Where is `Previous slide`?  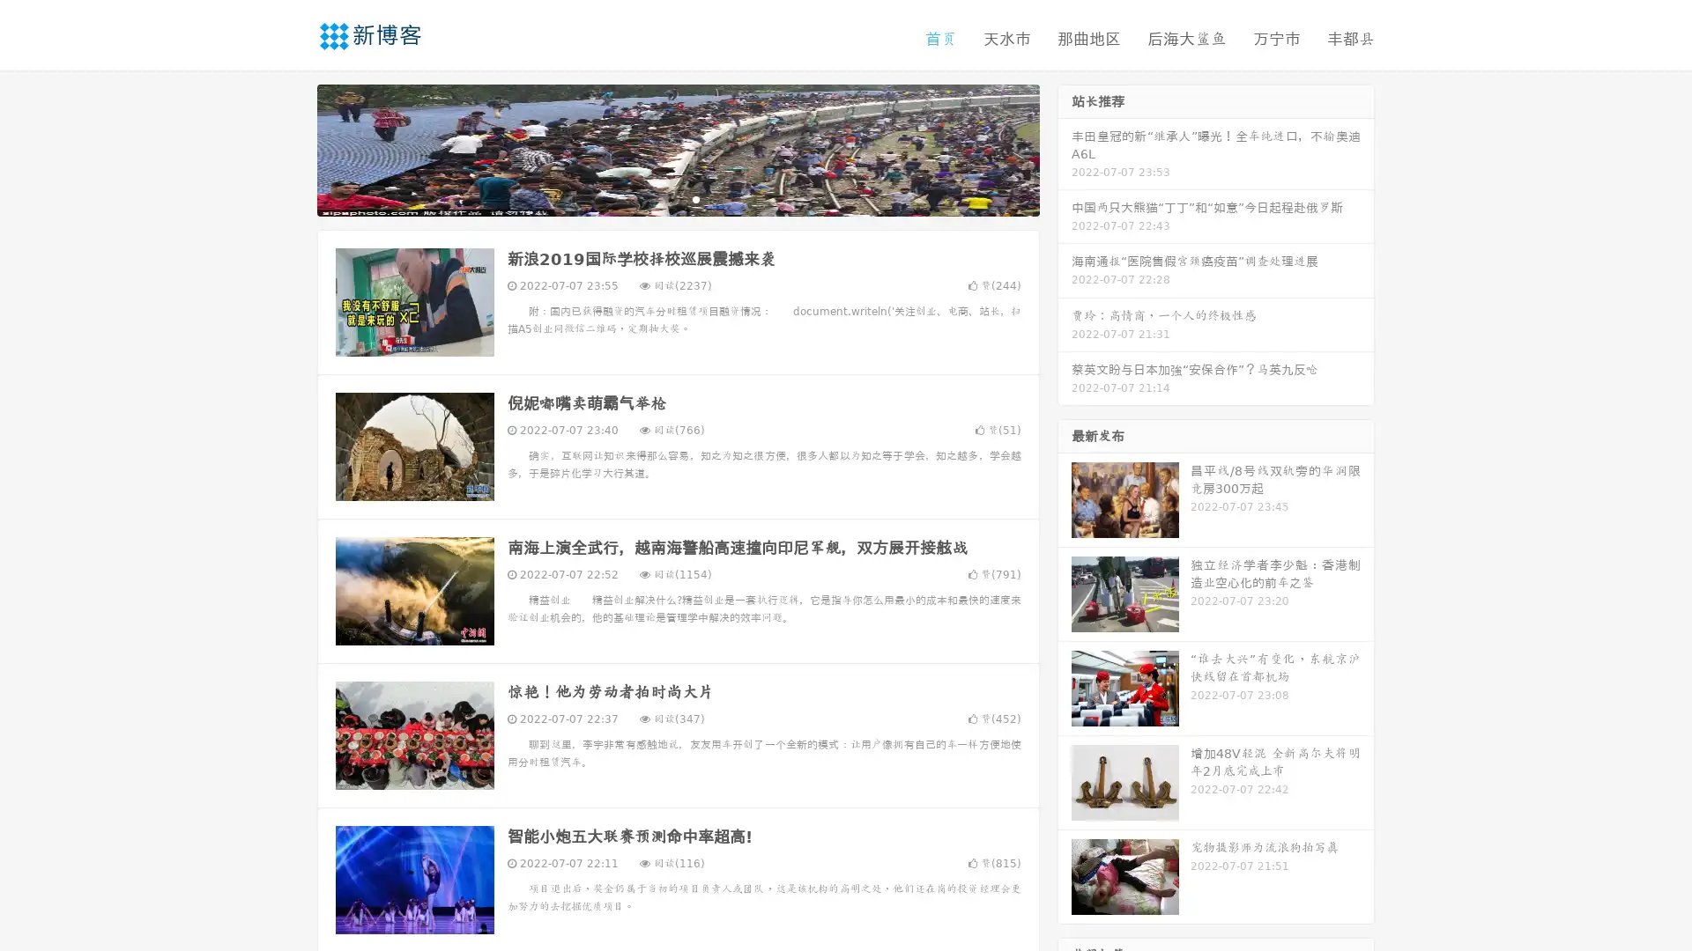
Previous slide is located at coordinates (291, 148).